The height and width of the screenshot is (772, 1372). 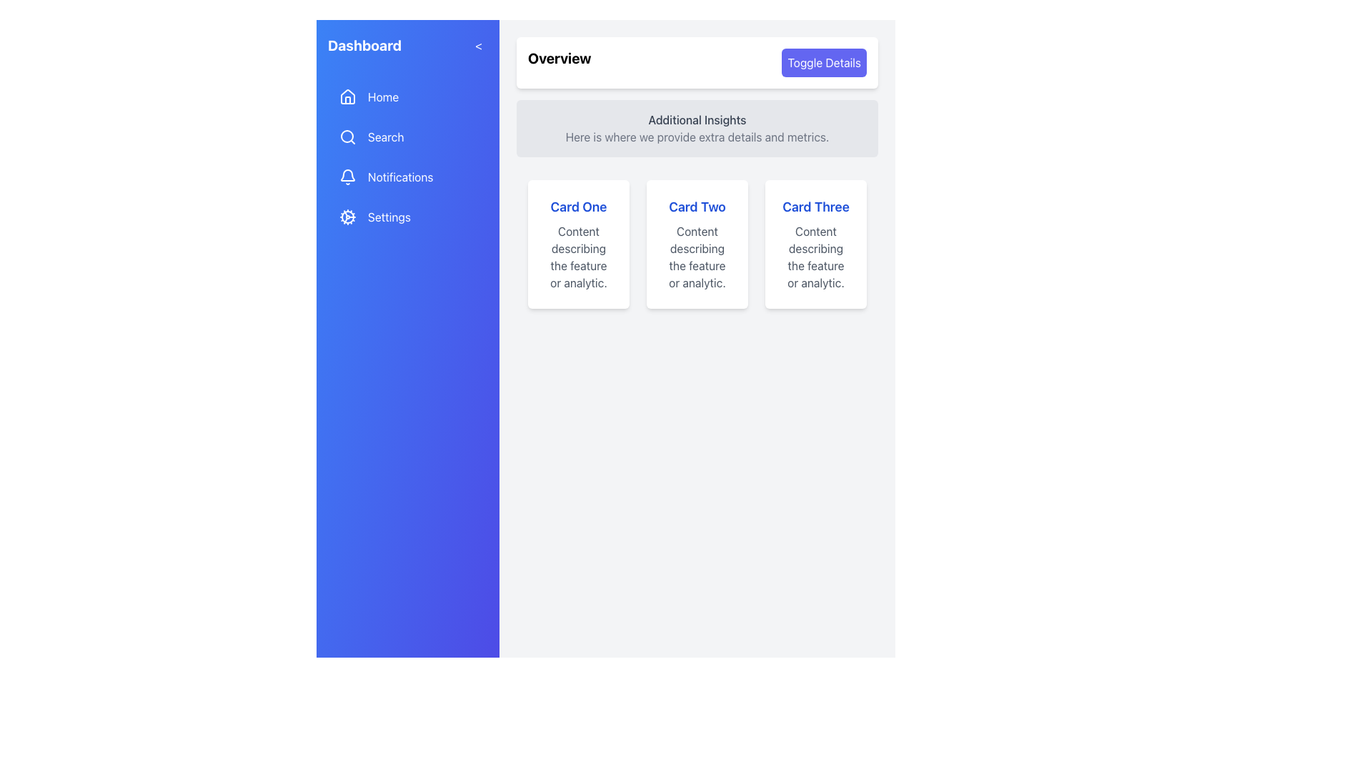 I want to click on the first card located below the 'Overview' section in the interface, which displays a title and descriptive content related to features or analytics, so click(x=579, y=244).